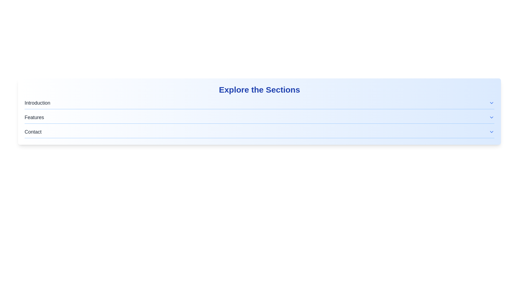  I want to click on the 'Contact' button in the 'Explore the Sections' interface, so click(259, 132).